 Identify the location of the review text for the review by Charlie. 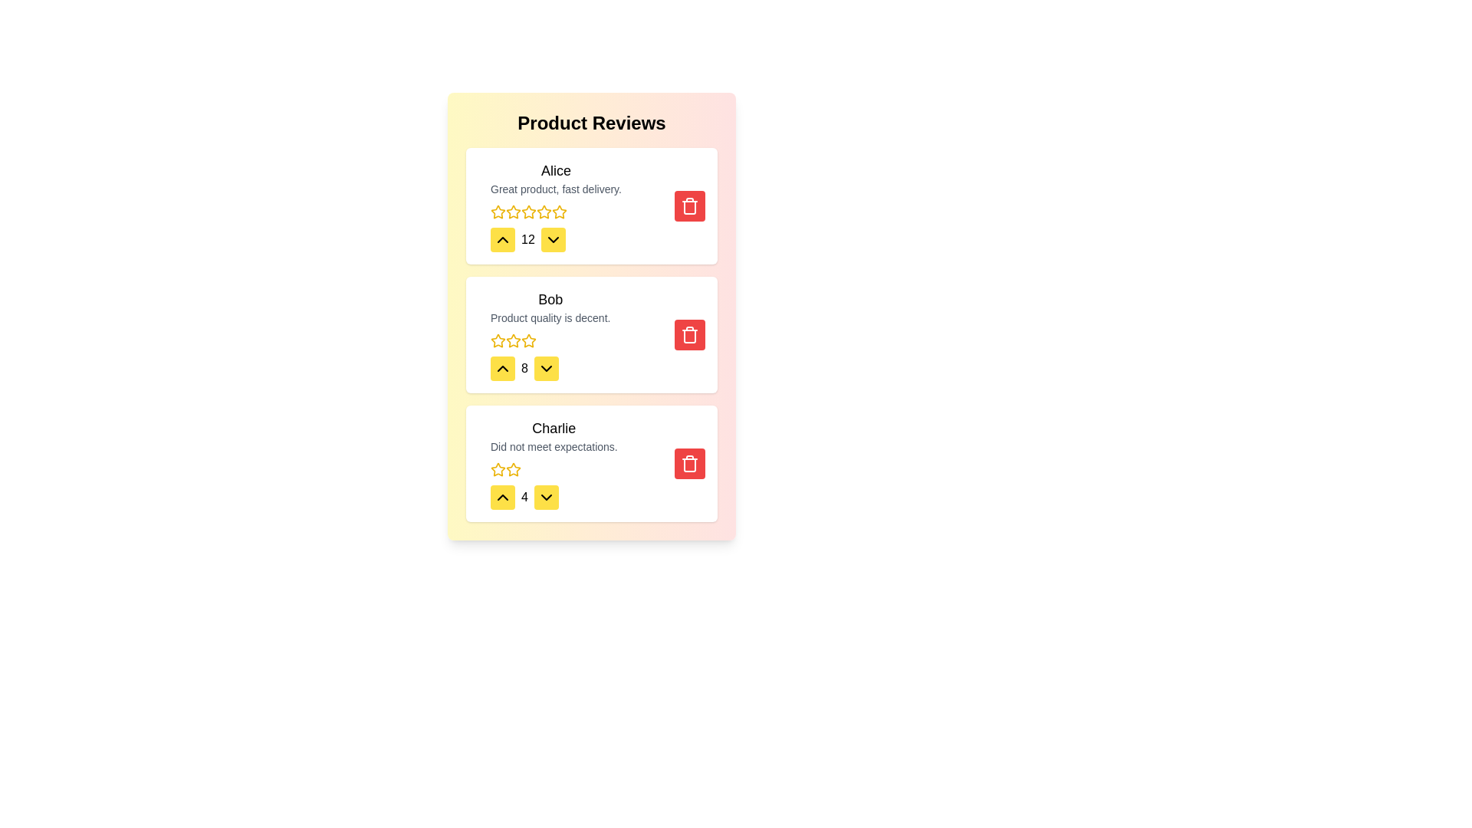
(489, 417).